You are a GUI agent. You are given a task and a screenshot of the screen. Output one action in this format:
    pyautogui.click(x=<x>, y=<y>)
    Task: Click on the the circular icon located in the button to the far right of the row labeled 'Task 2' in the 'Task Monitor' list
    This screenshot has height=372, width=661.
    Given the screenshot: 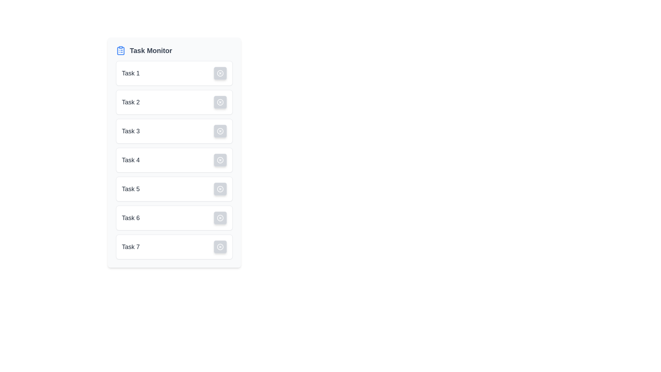 What is the action you would take?
    pyautogui.click(x=220, y=102)
    